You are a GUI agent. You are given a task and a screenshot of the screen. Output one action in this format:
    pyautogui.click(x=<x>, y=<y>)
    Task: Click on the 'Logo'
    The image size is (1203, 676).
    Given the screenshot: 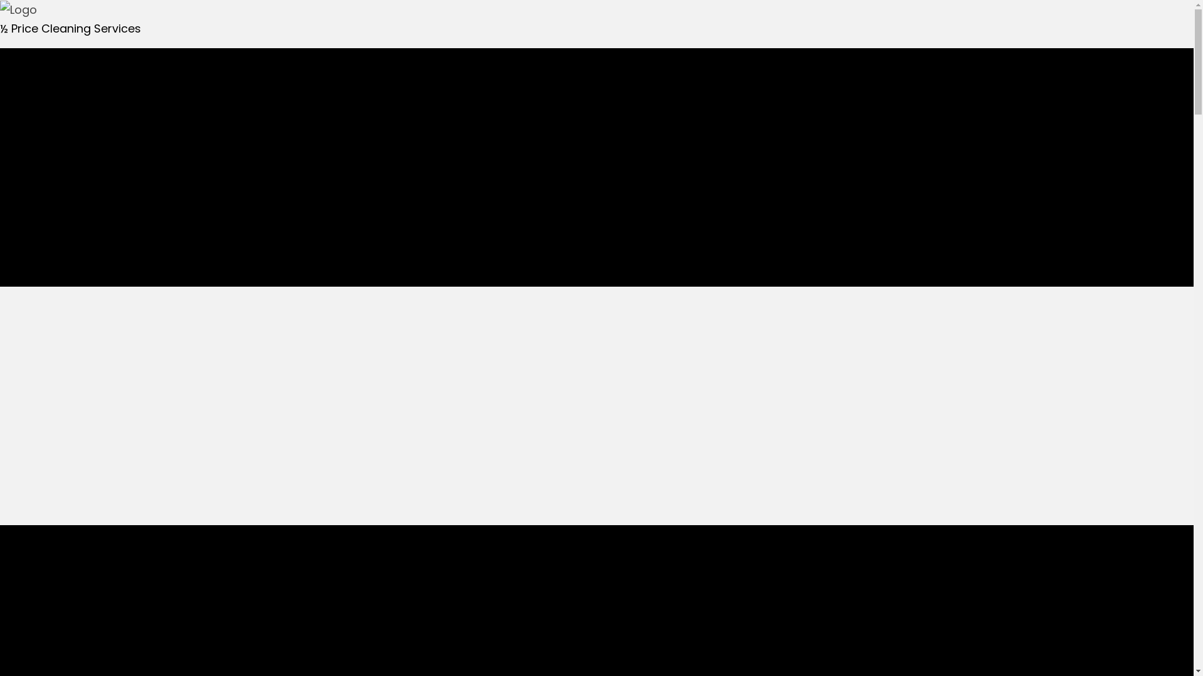 What is the action you would take?
    pyautogui.click(x=0, y=9)
    